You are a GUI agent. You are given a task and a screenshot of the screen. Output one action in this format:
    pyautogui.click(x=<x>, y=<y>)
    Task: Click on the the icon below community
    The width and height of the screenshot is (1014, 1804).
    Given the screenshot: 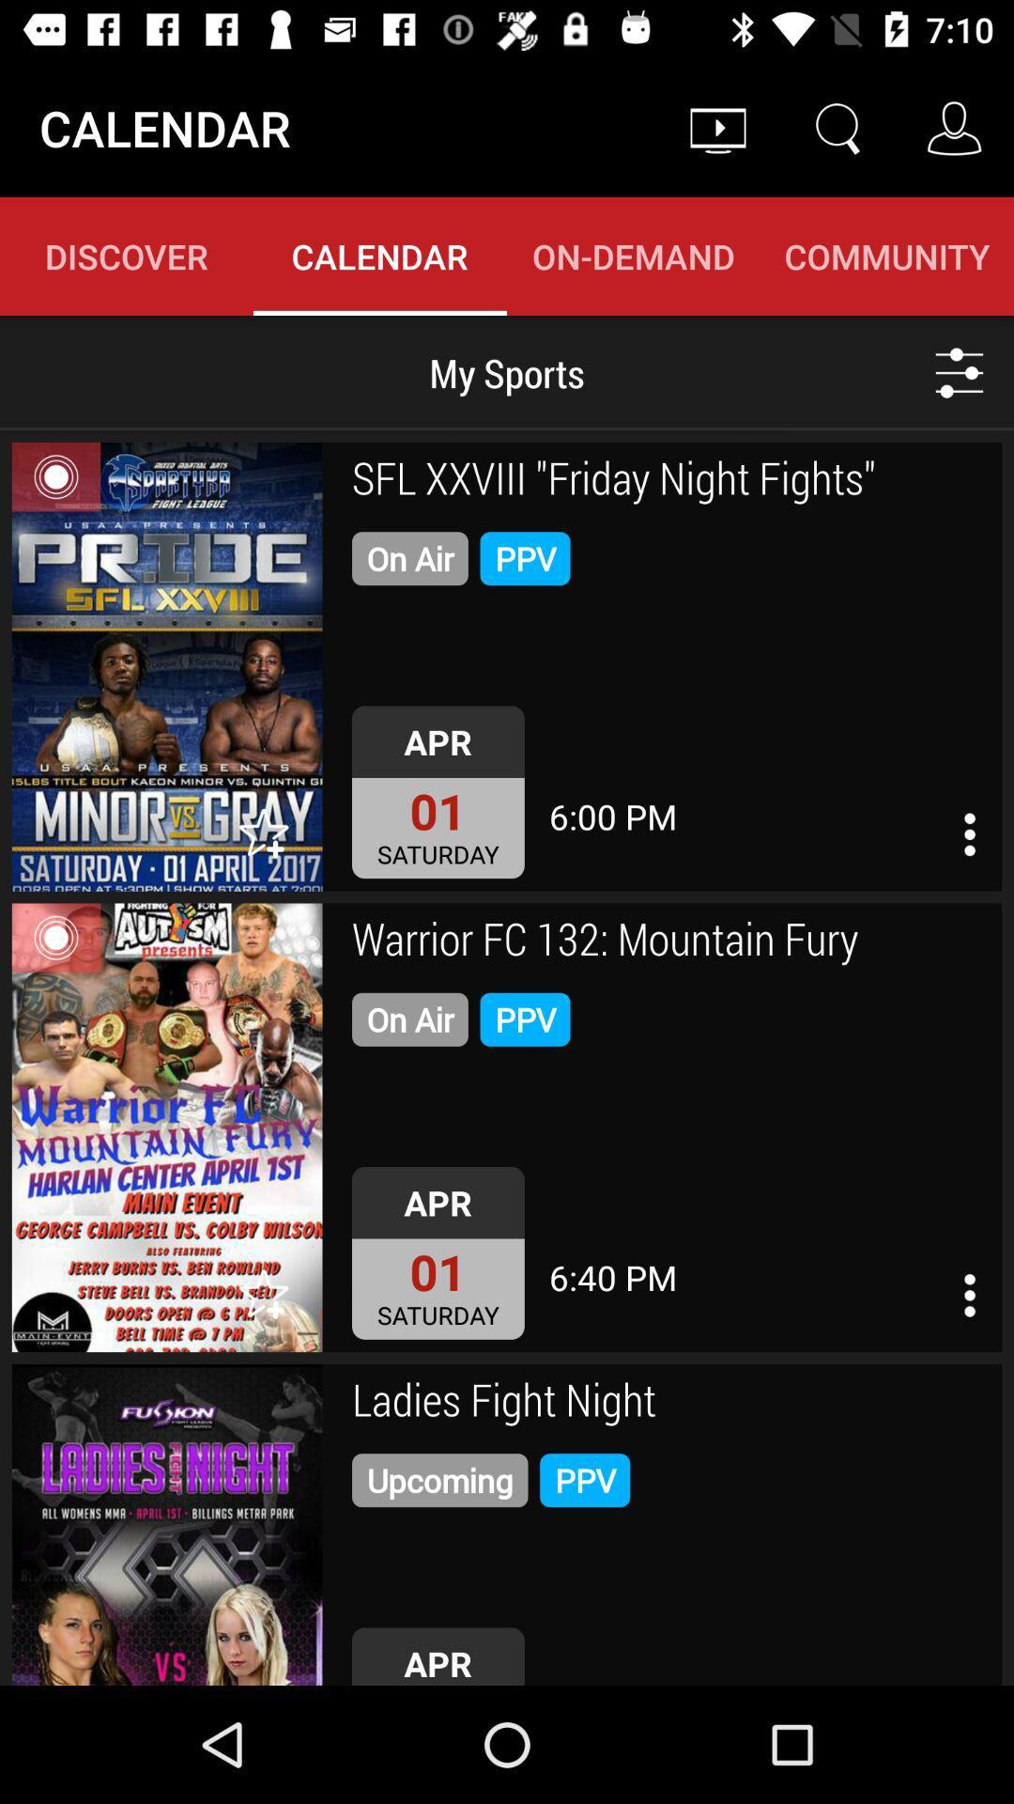 What is the action you would take?
    pyautogui.click(x=960, y=372)
    